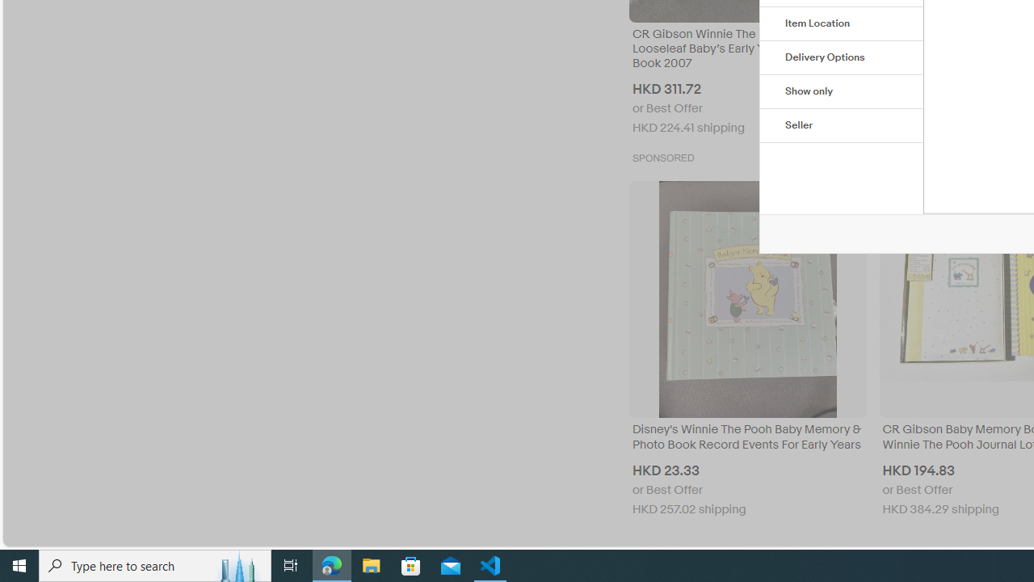  I want to click on 'Item Location', so click(841, 23).